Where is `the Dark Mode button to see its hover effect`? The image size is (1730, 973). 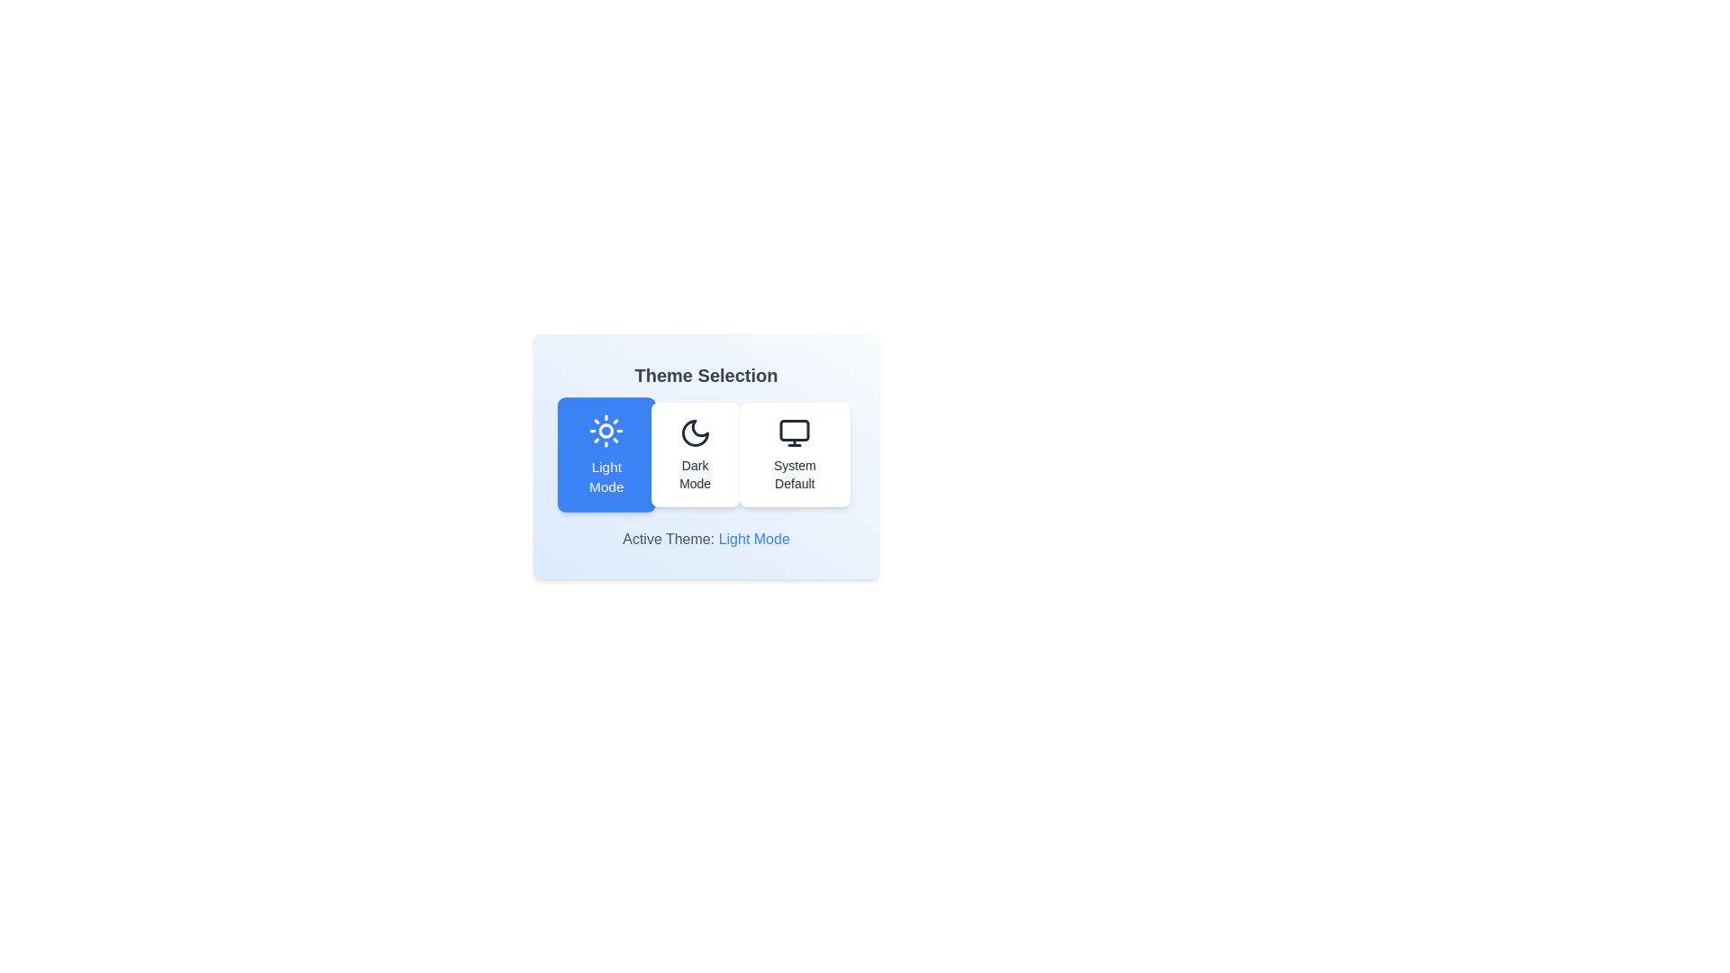 the Dark Mode button to see its hover effect is located at coordinates (694, 454).